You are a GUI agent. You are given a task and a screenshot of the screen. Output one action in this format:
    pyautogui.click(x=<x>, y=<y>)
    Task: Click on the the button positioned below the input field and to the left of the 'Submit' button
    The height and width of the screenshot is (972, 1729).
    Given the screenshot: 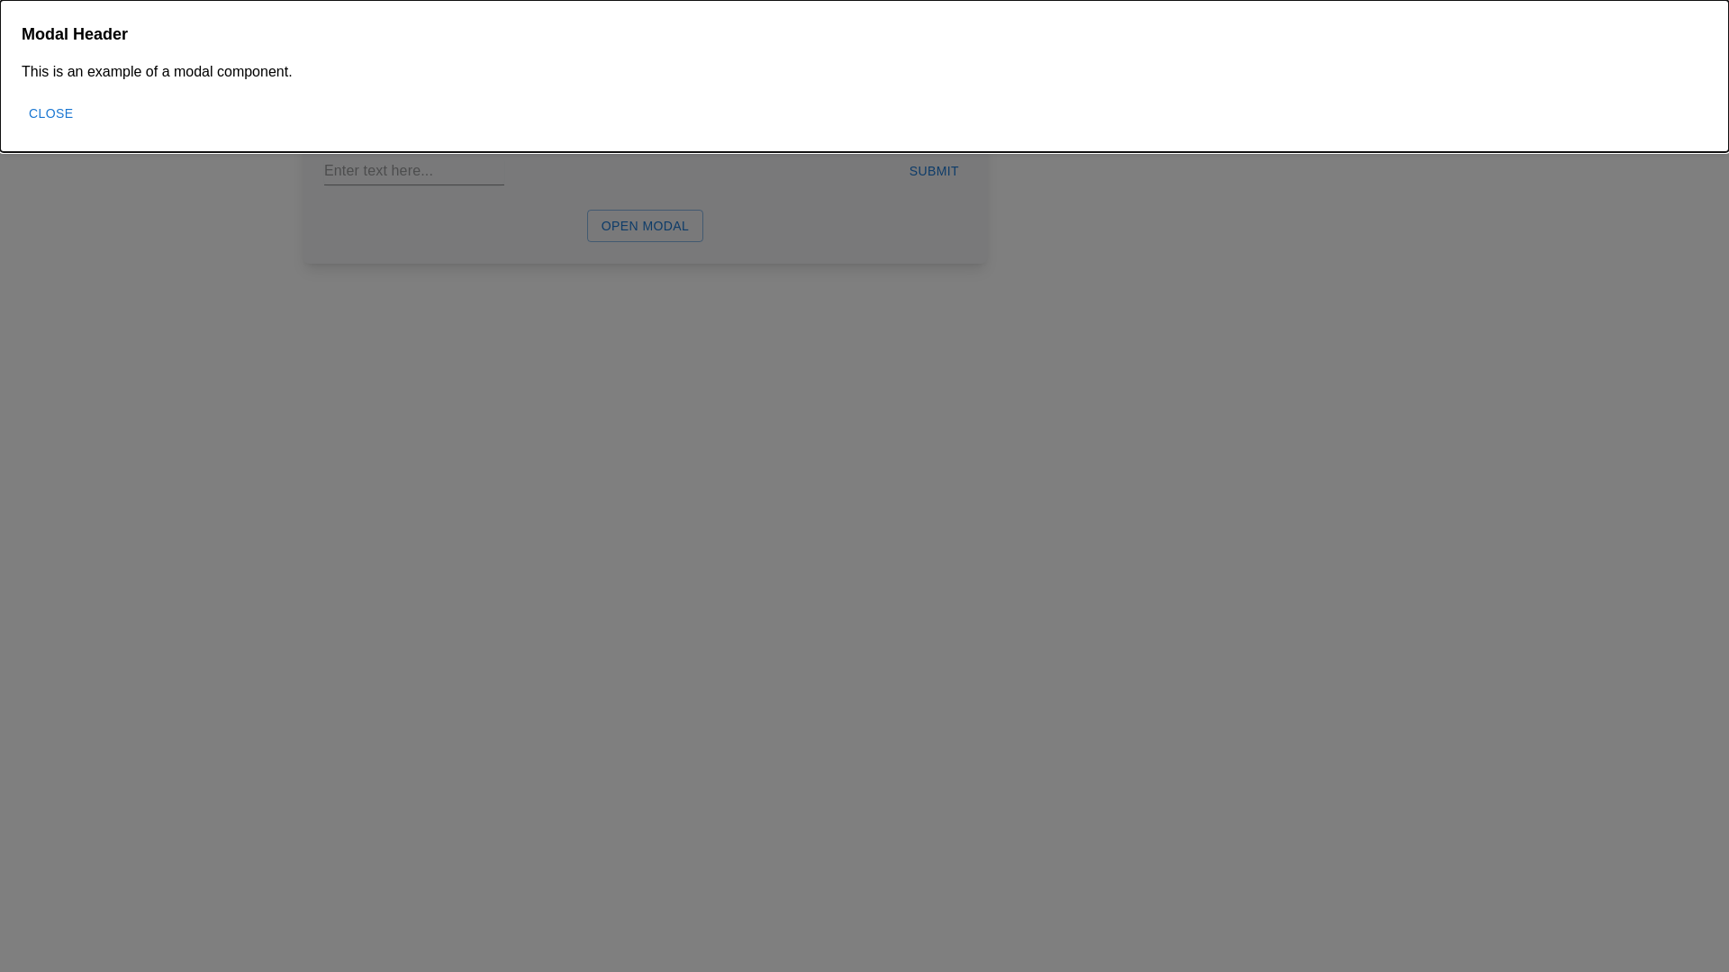 What is the action you would take?
    pyautogui.click(x=645, y=214)
    